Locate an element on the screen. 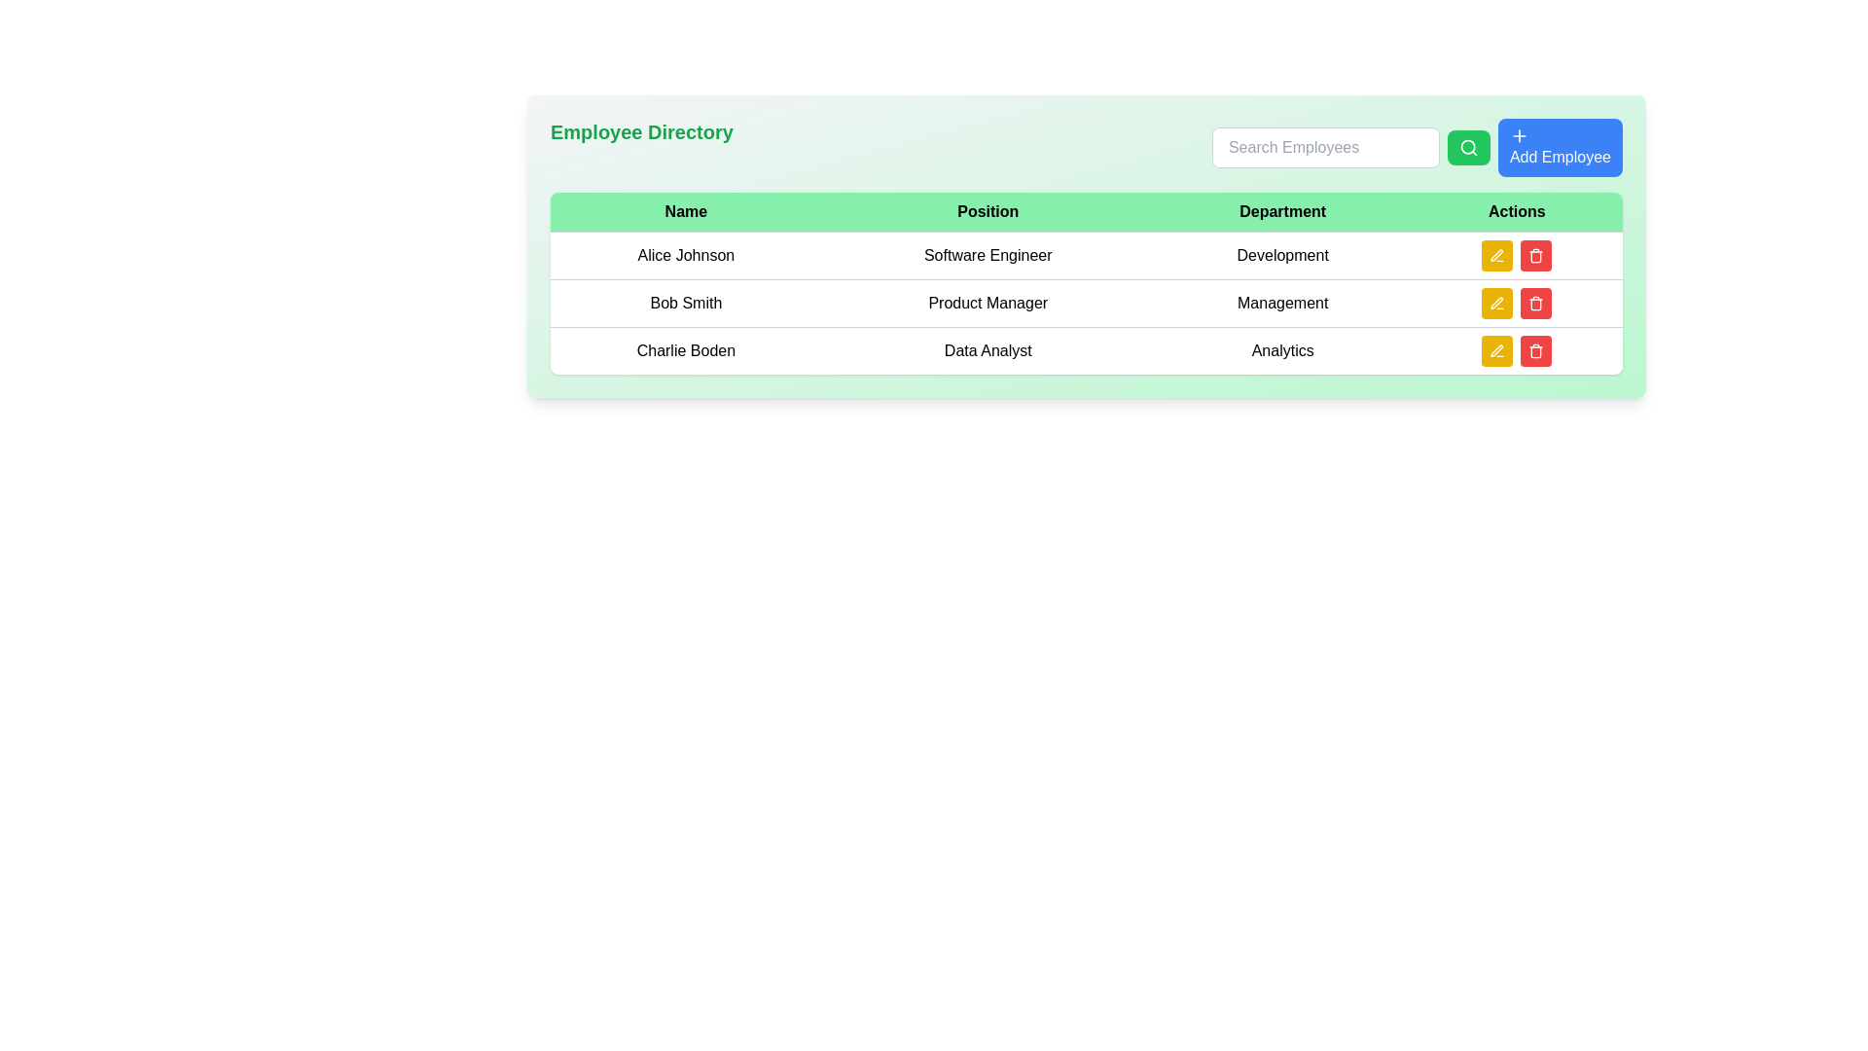  the delete button (trash bin icon) located in the Actions column of the employee table for 'Charlie Boden' is located at coordinates (1535, 254).